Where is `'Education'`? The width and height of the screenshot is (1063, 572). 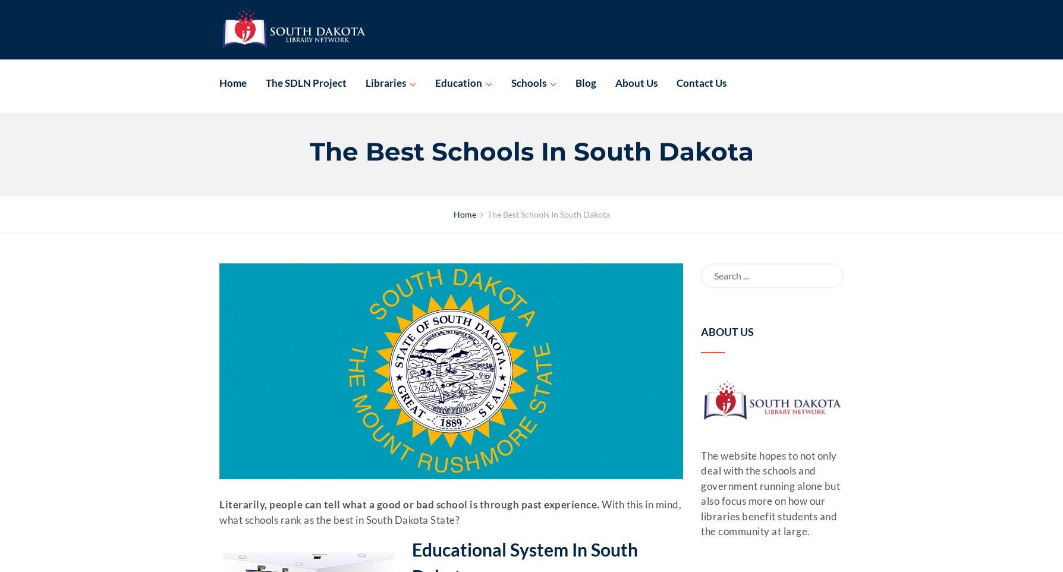 'Education' is located at coordinates (458, 82).